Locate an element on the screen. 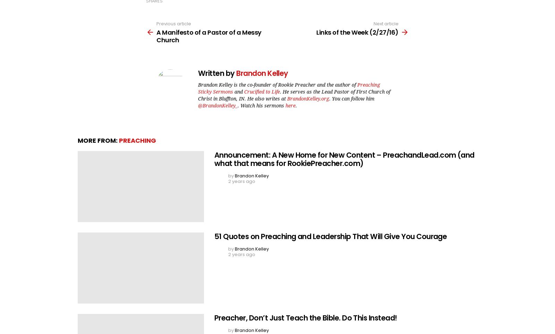  '. You can follow him' is located at coordinates (352, 98).